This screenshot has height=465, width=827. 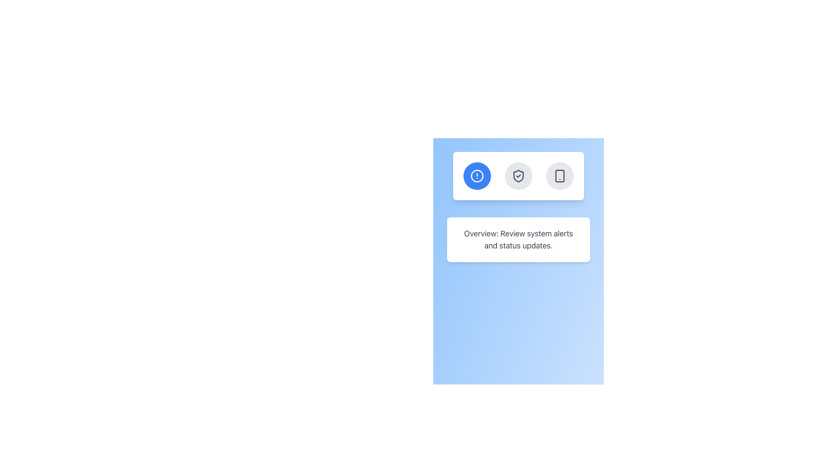 I want to click on the informational text element that provides an overview related to system alerts and updates, which is centered within a white rectangular card with rounded corners beneath a row of circular icons, so click(x=518, y=239).